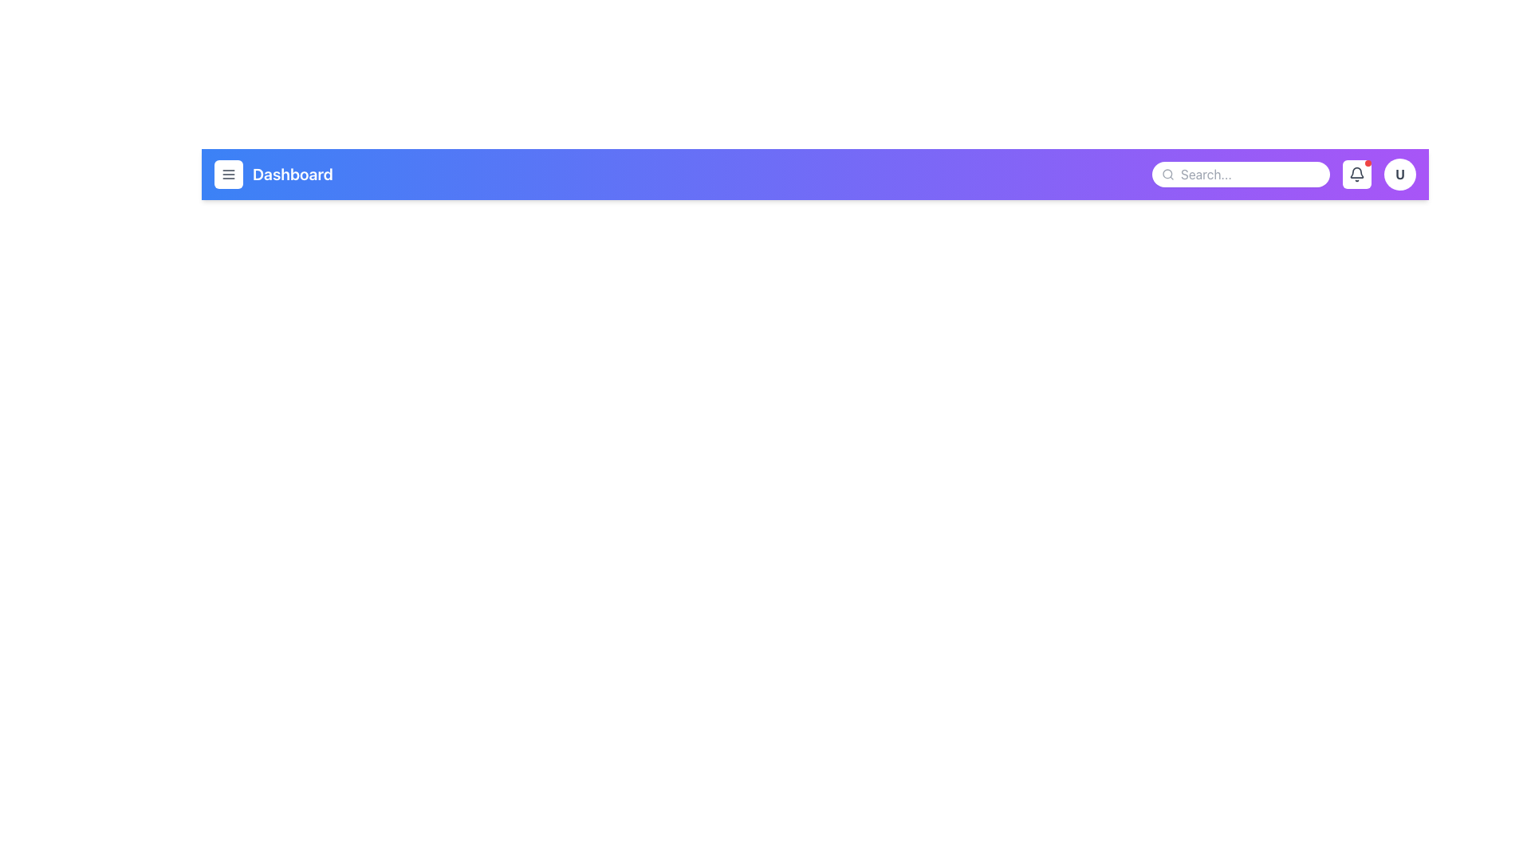  I want to click on the user profile icon, which is represented by a text element within a white circular background, located at the far right end of the top navigation bar, so click(1399, 175).